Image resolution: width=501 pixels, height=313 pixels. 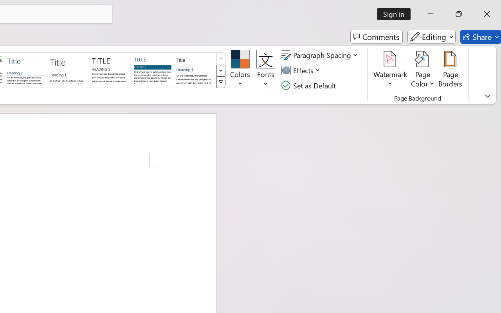 What do you see at coordinates (240, 70) in the screenshot?
I see `'Colors'` at bounding box center [240, 70].